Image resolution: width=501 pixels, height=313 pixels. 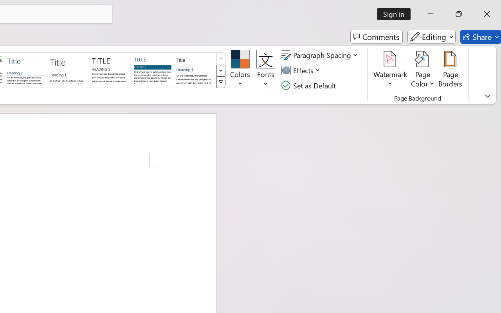 What do you see at coordinates (240, 70) in the screenshot?
I see `'Colors'` at bounding box center [240, 70].